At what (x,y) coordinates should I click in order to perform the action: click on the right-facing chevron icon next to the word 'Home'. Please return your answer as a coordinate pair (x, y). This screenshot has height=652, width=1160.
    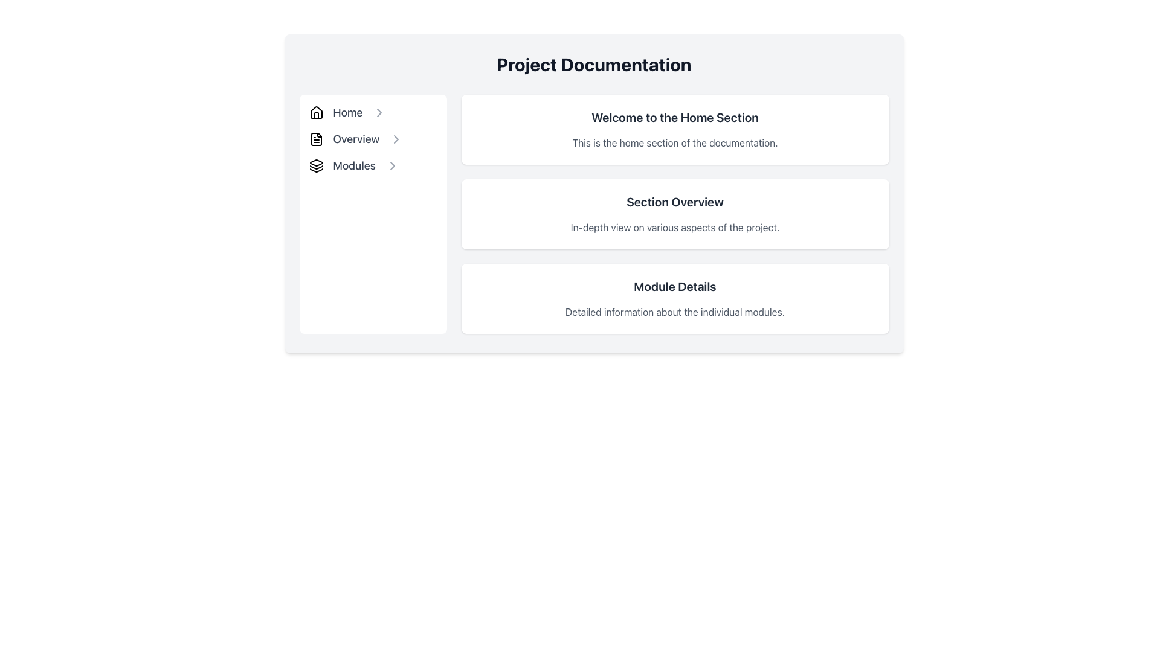
    Looking at the image, I should click on (379, 112).